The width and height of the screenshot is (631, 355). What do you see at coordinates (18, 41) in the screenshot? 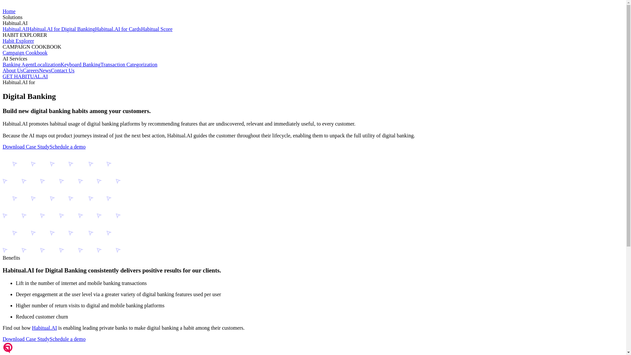
I see `'Habit Explorer'` at bounding box center [18, 41].